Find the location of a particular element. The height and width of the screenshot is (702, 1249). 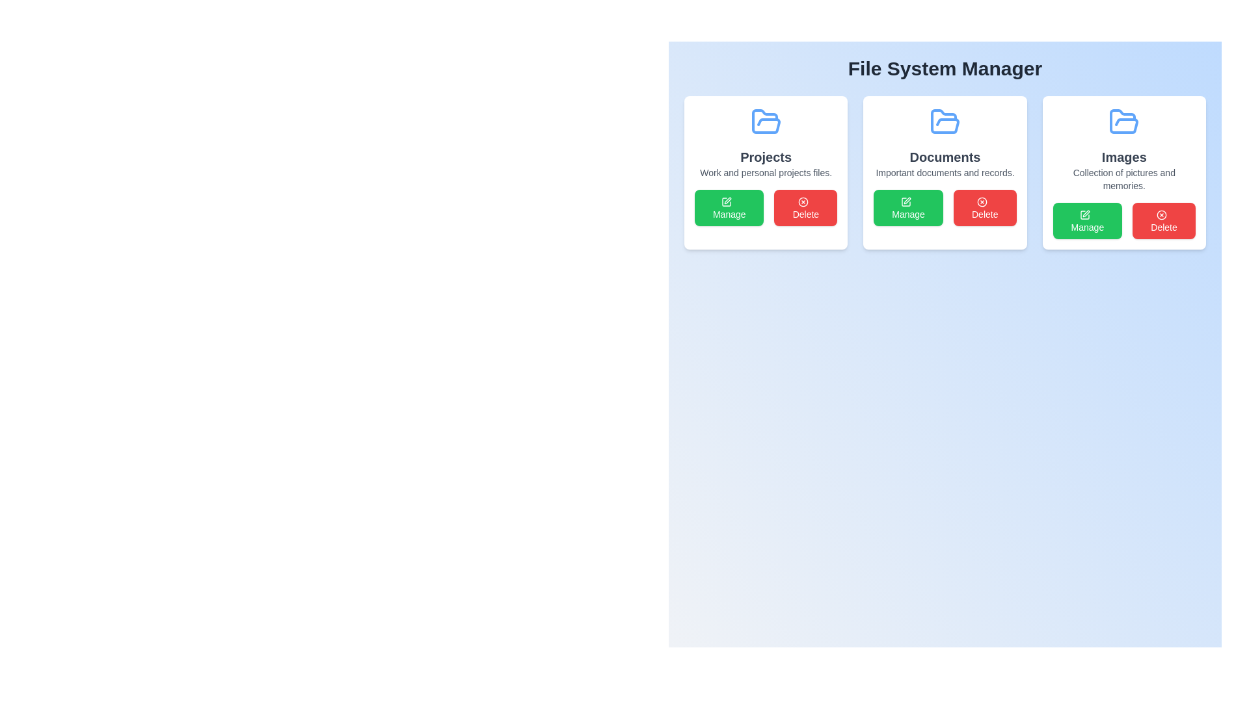

the inner visual component of the folder icon, which is part of the 'Projects' file category in the 'File System Manager' interface is located at coordinates (766, 121).